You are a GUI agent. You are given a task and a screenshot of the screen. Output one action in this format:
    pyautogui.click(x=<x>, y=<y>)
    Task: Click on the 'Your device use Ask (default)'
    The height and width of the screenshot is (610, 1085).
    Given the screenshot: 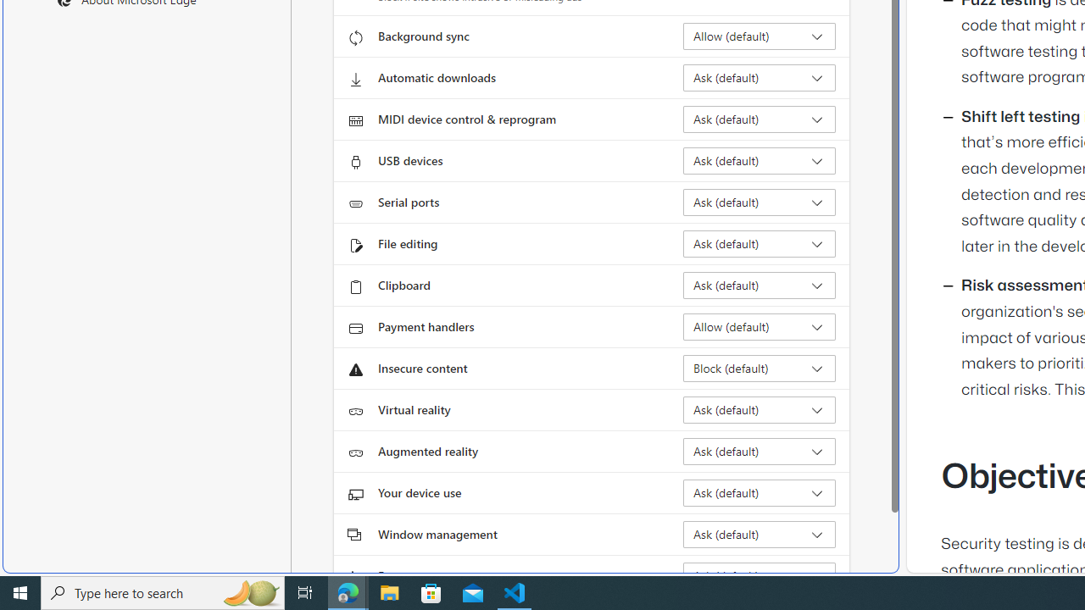 What is the action you would take?
    pyautogui.click(x=759, y=493)
    